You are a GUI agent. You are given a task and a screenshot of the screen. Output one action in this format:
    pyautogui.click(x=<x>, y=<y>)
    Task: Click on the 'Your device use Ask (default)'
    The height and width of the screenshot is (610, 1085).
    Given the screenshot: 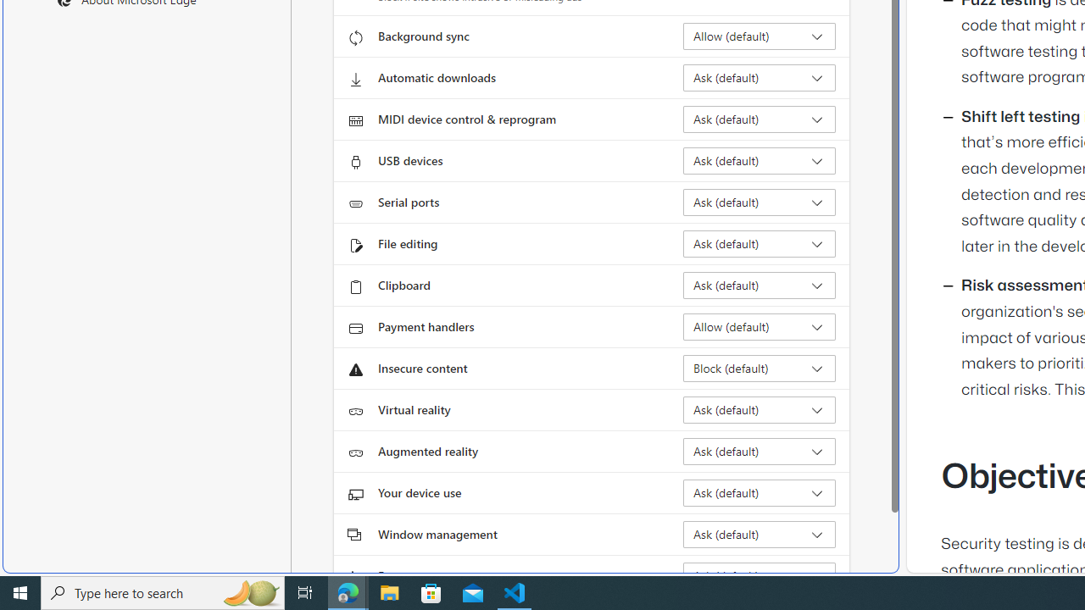 What is the action you would take?
    pyautogui.click(x=759, y=493)
    